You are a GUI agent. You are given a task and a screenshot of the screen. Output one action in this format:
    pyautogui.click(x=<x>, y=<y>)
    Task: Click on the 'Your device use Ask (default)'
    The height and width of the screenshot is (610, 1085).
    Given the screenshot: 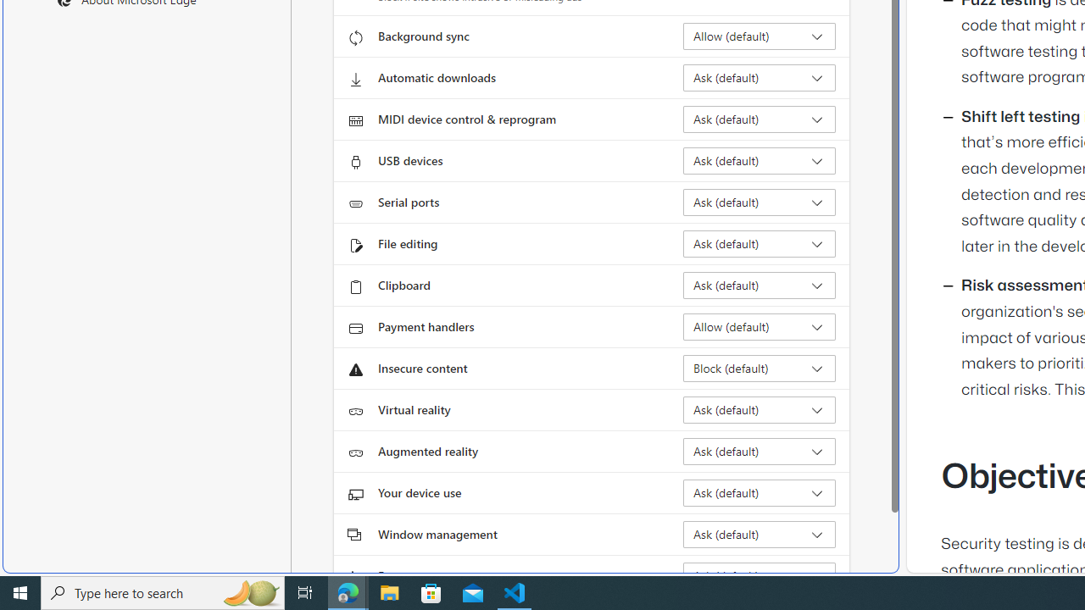 What is the action you would take?
    pyautogui.click(x=759, y=493)
    